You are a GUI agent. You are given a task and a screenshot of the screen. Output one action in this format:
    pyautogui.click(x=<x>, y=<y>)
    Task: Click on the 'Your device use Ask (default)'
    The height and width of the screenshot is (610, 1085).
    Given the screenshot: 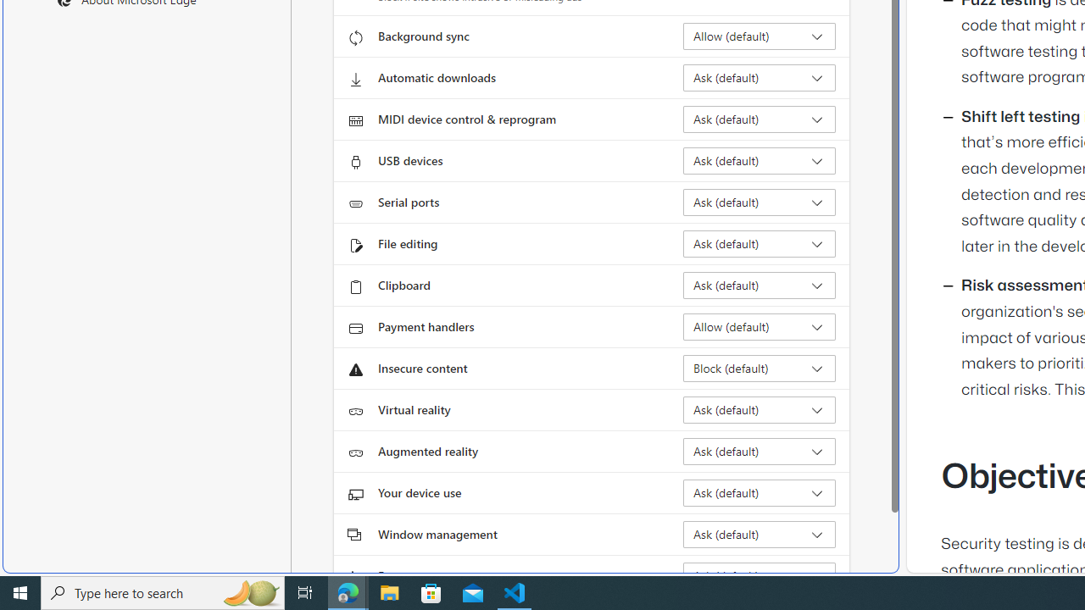 What is the action you would take?
    pyautogui.click(x=759, y=493)
    